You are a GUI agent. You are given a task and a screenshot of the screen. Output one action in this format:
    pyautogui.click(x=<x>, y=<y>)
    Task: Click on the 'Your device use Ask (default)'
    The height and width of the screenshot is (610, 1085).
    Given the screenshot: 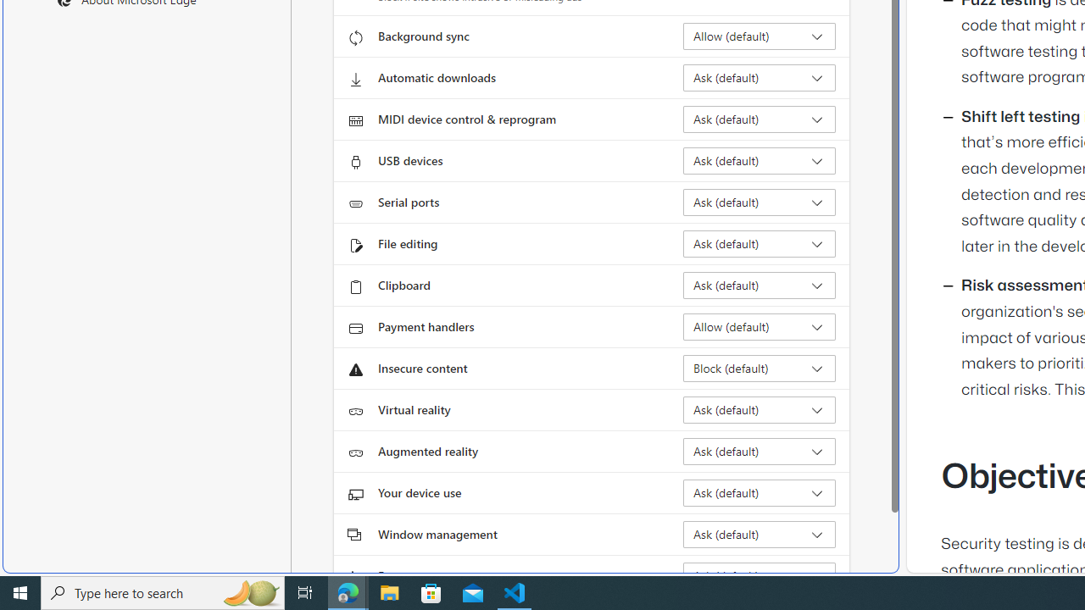 What is the action you would take?
    pyautogui.click(x=759, y=493)
    